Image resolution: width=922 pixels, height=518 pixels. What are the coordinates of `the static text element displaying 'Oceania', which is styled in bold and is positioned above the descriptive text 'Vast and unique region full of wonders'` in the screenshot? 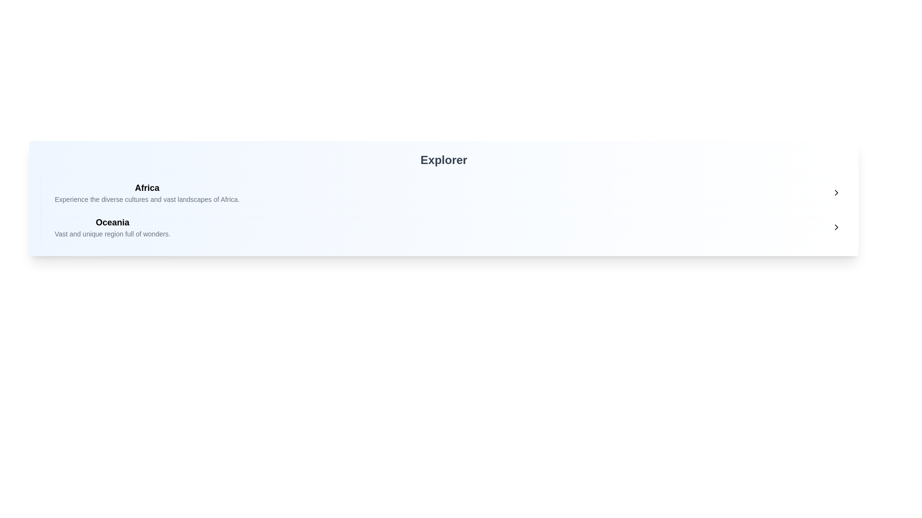 It's located at (112, 222).